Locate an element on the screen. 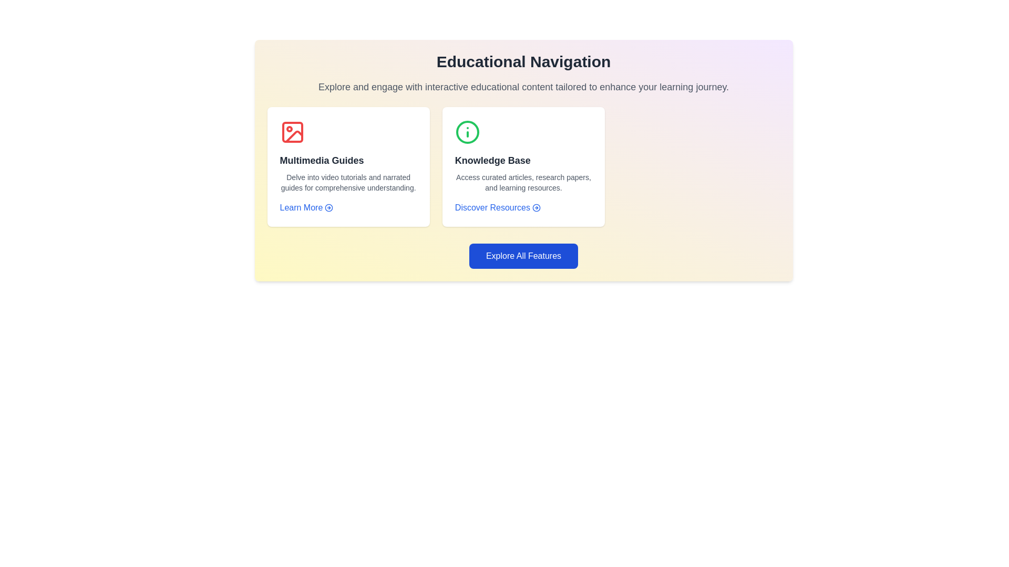 Image resolution: width=1009 pixels, height=567 pixels. text content of the single line text label styled in medium gray located directly beneath the 'Educational Navigation' title, which serves as an introductory paragraph is located at coordinates (523, 86).